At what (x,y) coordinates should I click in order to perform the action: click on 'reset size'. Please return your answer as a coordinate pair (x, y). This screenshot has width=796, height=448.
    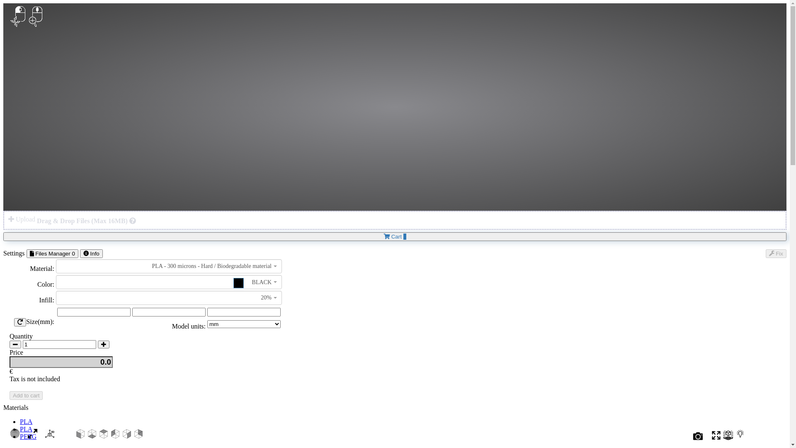
    Looking at the image, I should click on (20, 321).